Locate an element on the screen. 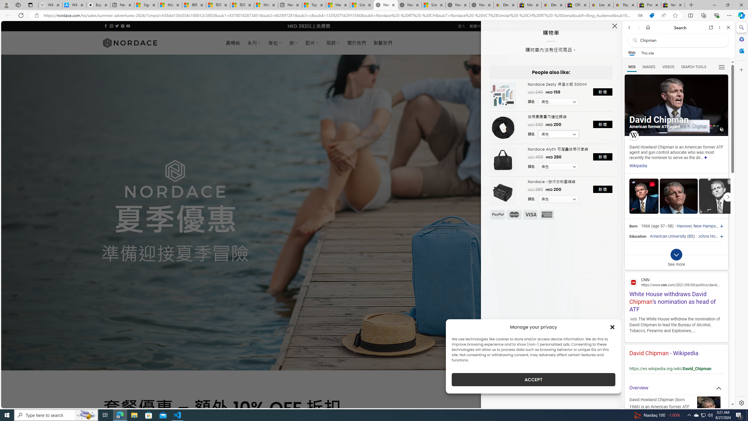 Image resolution: width=748 pixels, height=421 pixels. 'View site information' is located at coordinates (37, 15).